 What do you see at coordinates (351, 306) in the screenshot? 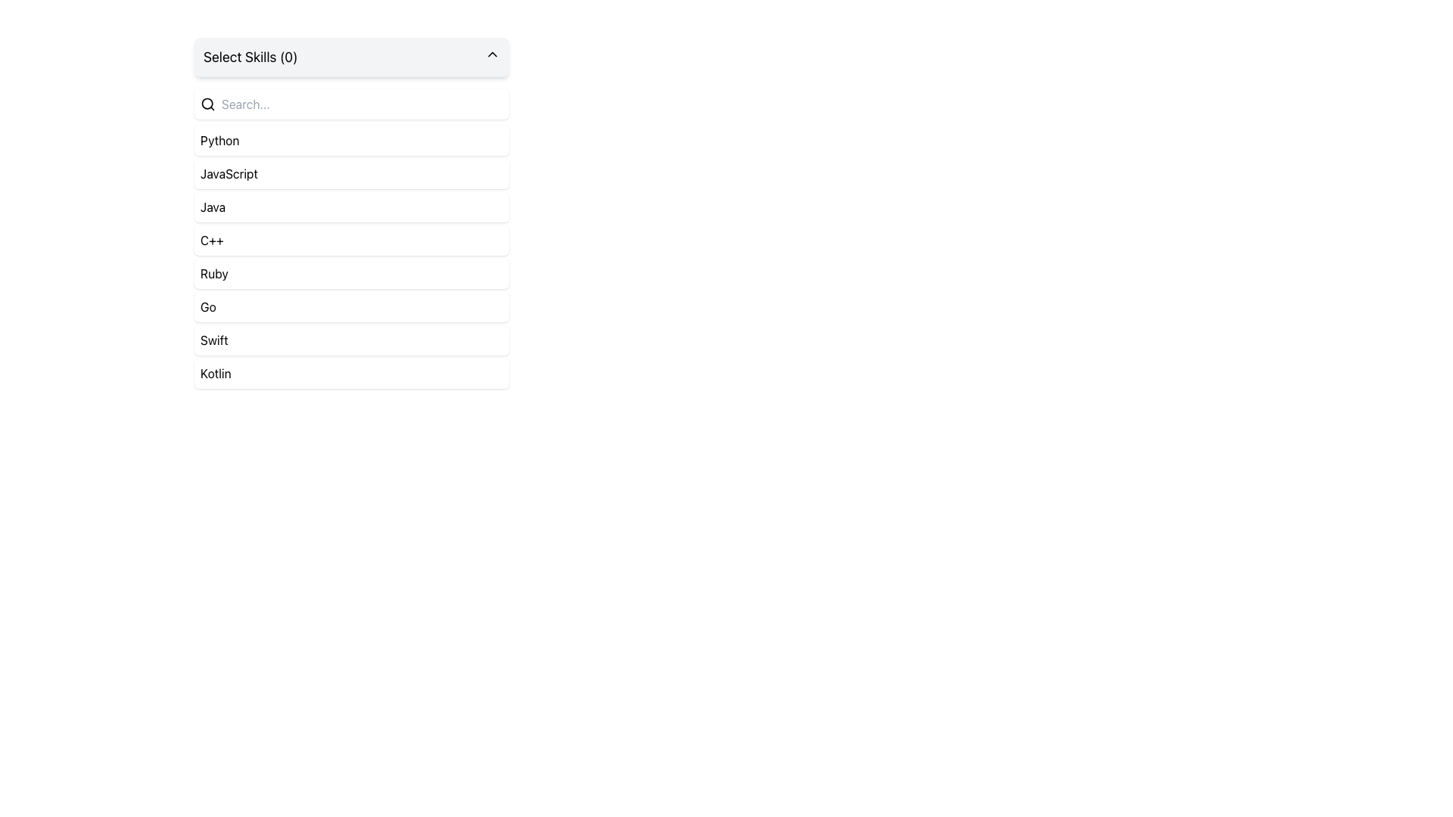
I see `the sixth item in the dropdown list labeled 'Go'` at bounding box center [351, 306].